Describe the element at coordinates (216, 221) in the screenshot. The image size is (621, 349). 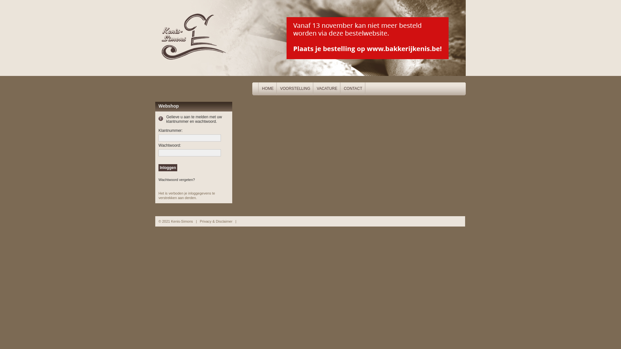
I see `'Privacy & Disclaimer'` at that location.